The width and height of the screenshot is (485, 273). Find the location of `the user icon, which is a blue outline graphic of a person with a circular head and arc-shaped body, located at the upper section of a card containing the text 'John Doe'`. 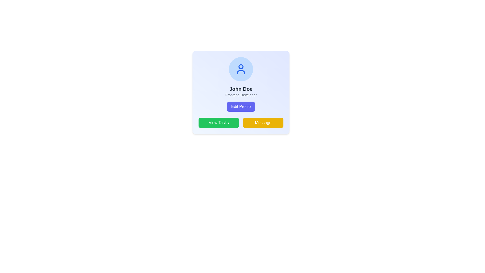

the user icon, which is a blue outline graphic of a person with a circular head and arc-shaped body, located at the upper section of a card containing the text 'John Doe' is located at coordinates (241, 69).